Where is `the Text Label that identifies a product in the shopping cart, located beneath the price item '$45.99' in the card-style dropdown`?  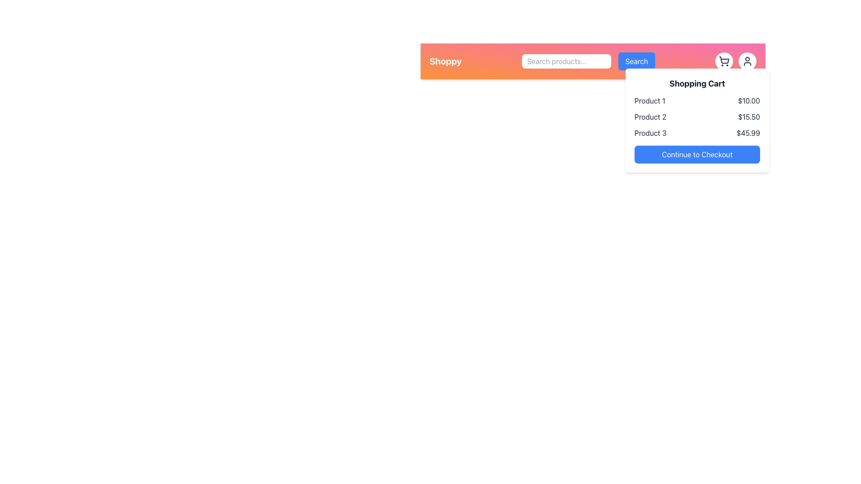
the Text Label that identifies a product in the shopping cart, located beneath the price item '$45.99' in the card-style dropdown is located at coordinates (650, 133).